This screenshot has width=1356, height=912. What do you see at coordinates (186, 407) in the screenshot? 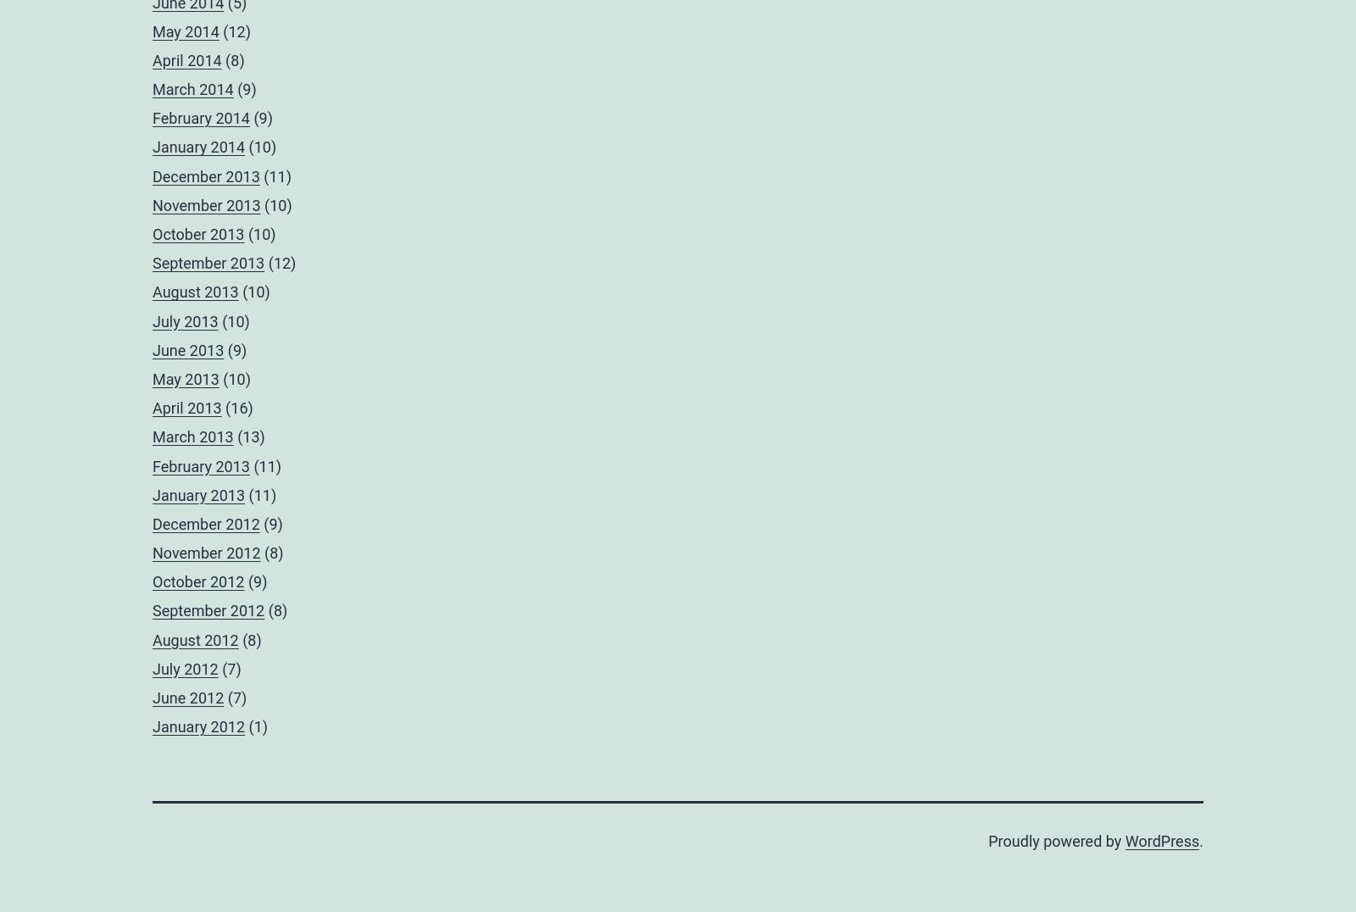
I see `'April 2013'` at bounding box center [186, 407].